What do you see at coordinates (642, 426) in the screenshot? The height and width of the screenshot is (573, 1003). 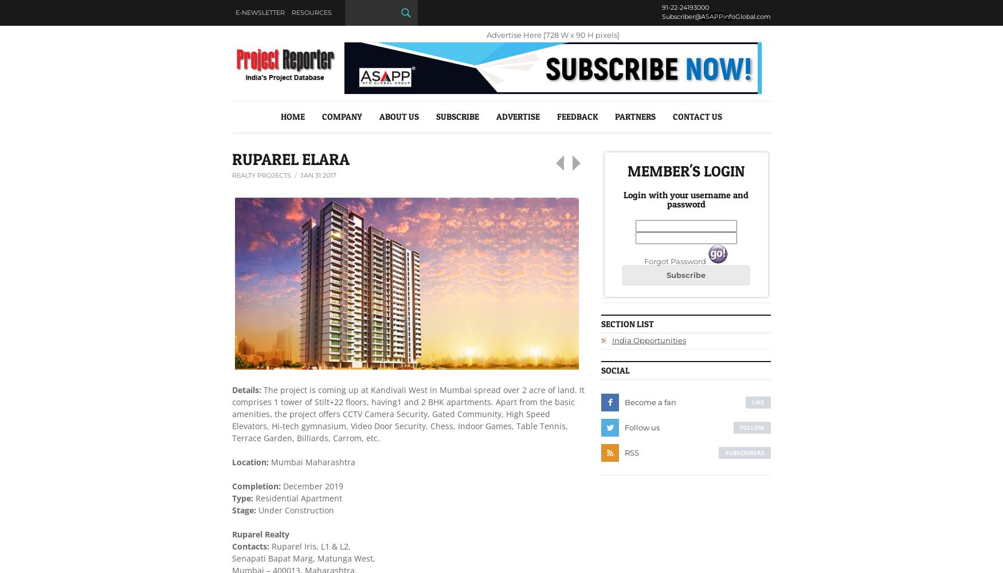 I see `'Follow us'` at bounding box center [642, 426].